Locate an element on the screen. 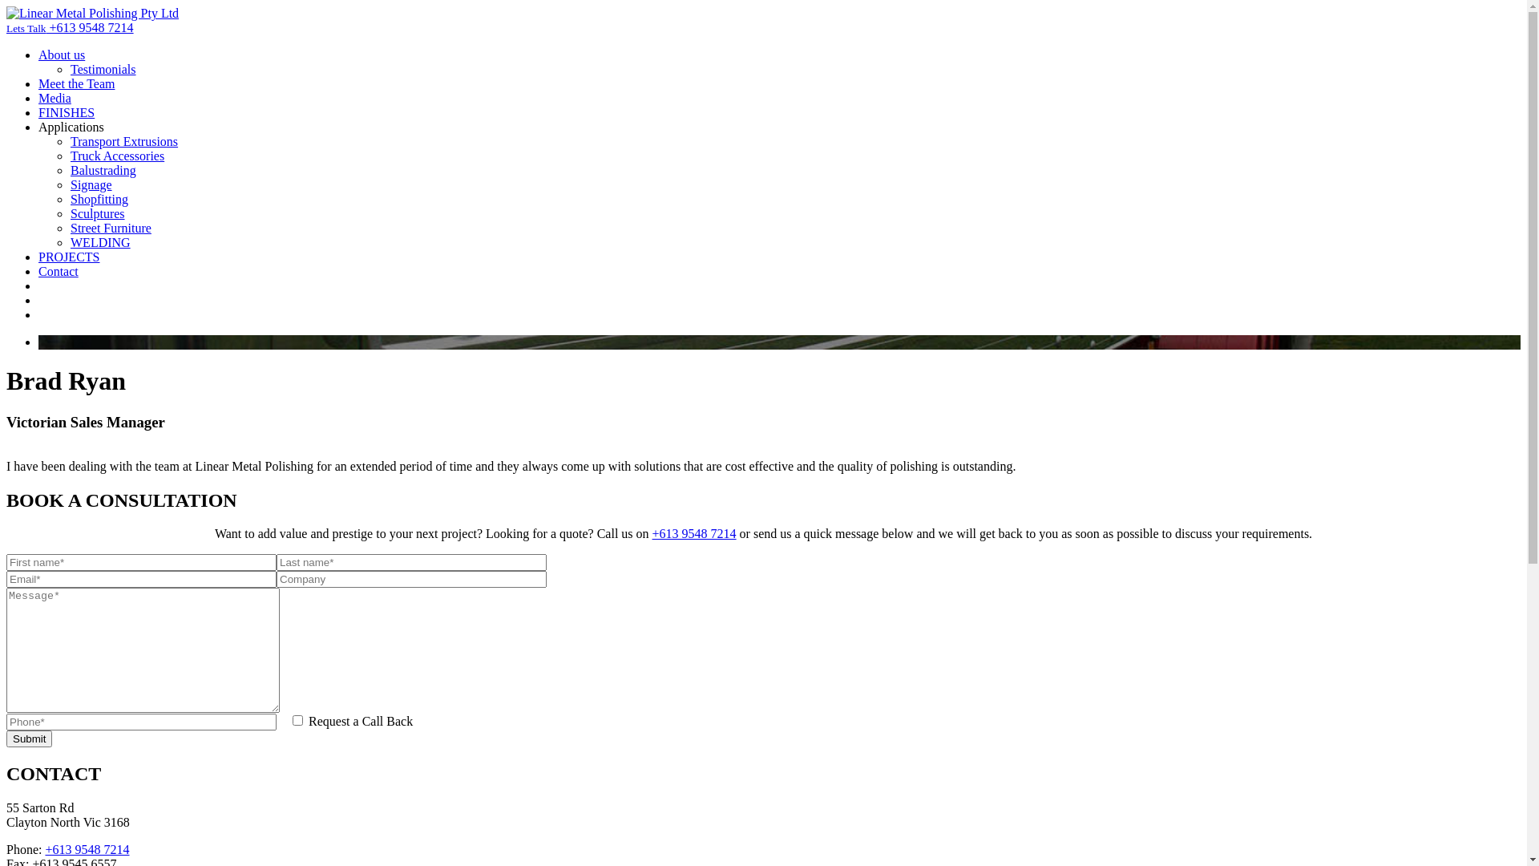  '+613 9548 7214' is located at coordinates (694, 533).